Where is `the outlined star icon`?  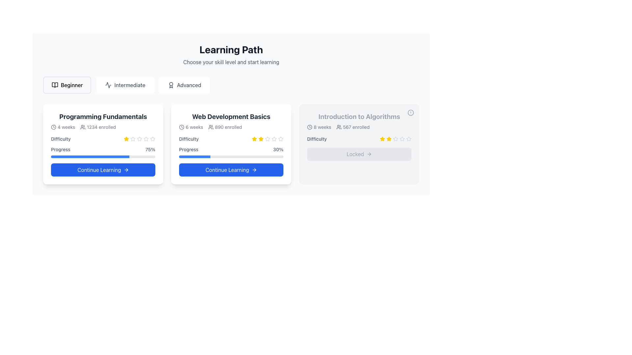
the outlined star icon is located at coordinates (146, 139).